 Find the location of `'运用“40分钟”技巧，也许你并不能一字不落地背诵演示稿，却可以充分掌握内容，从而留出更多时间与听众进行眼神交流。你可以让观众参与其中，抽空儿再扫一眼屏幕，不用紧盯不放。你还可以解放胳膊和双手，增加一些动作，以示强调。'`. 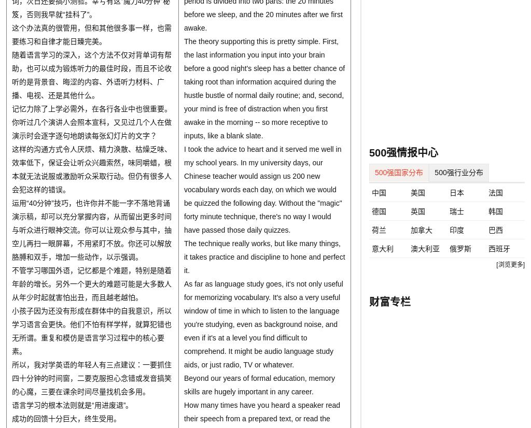

'运用“40分钟”技巧，也许你并不能一字不落地背诵演示稿，却可以充分掌握内容，从而留出更多时间与听众进行眼神交流。你可以让观众参与其中，抽空儿再扫一眼屏幕，不用紧盯不放。你还可以解放胳膊和双手，增加一些动作，以示强调。' is located at coordinates (92, 229).